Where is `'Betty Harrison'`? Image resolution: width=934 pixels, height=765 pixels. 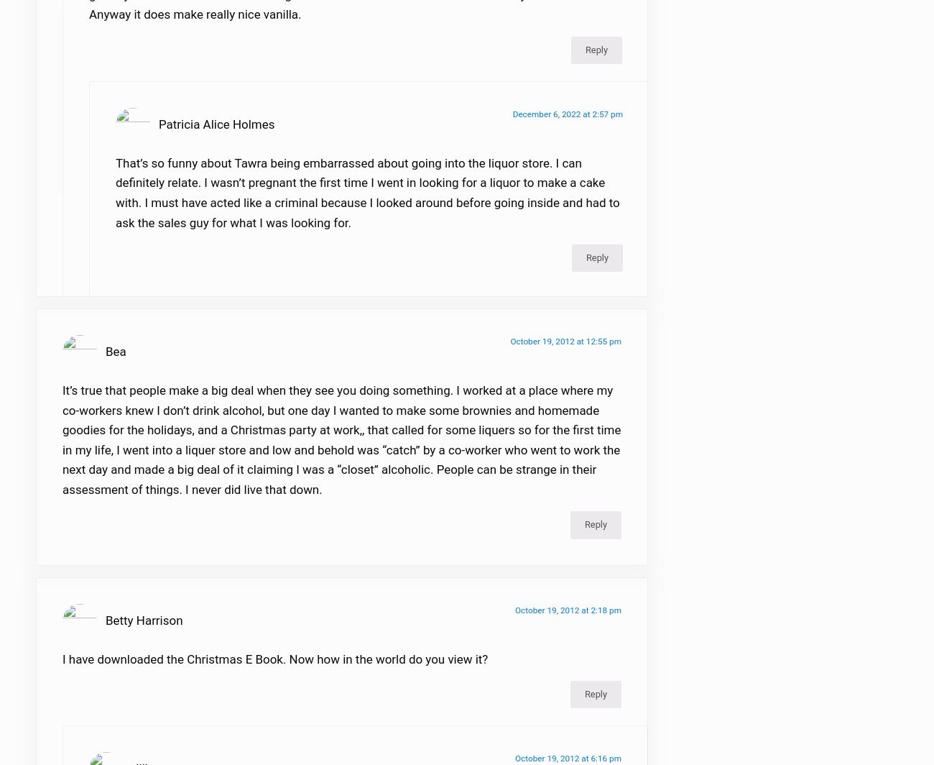
'Betty Harrison' is located at coordinates (105, 629).